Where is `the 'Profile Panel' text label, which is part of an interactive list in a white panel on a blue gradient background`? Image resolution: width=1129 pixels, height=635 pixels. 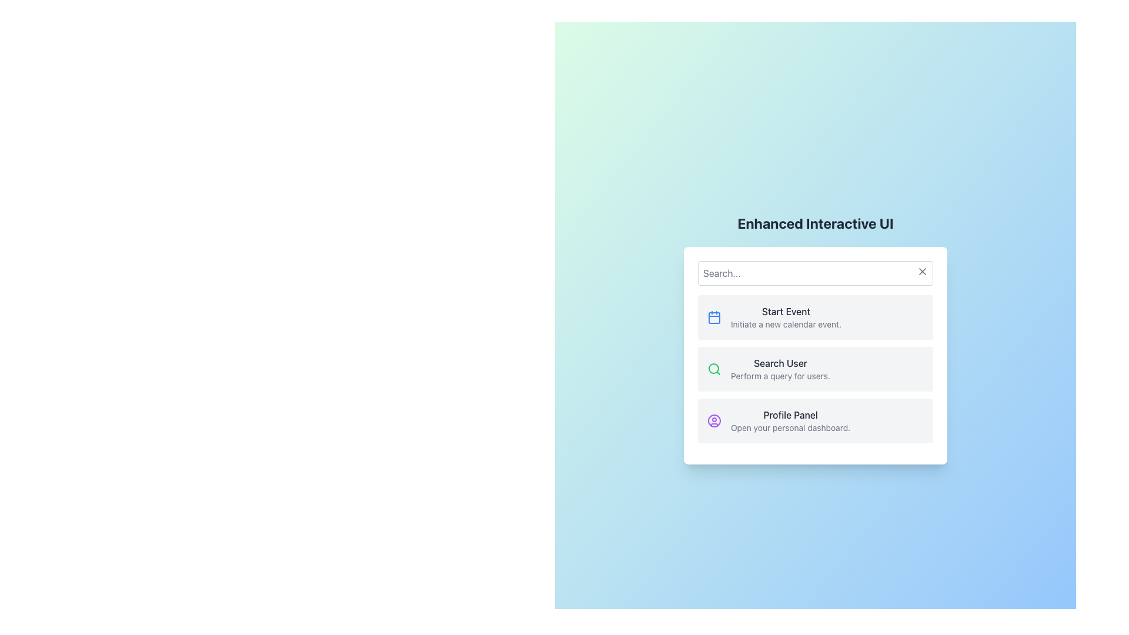
the 'Profile Panel' text label, which is part of an interactive list in a white panel on a blue gradient background is located at coordinates (790, 414).